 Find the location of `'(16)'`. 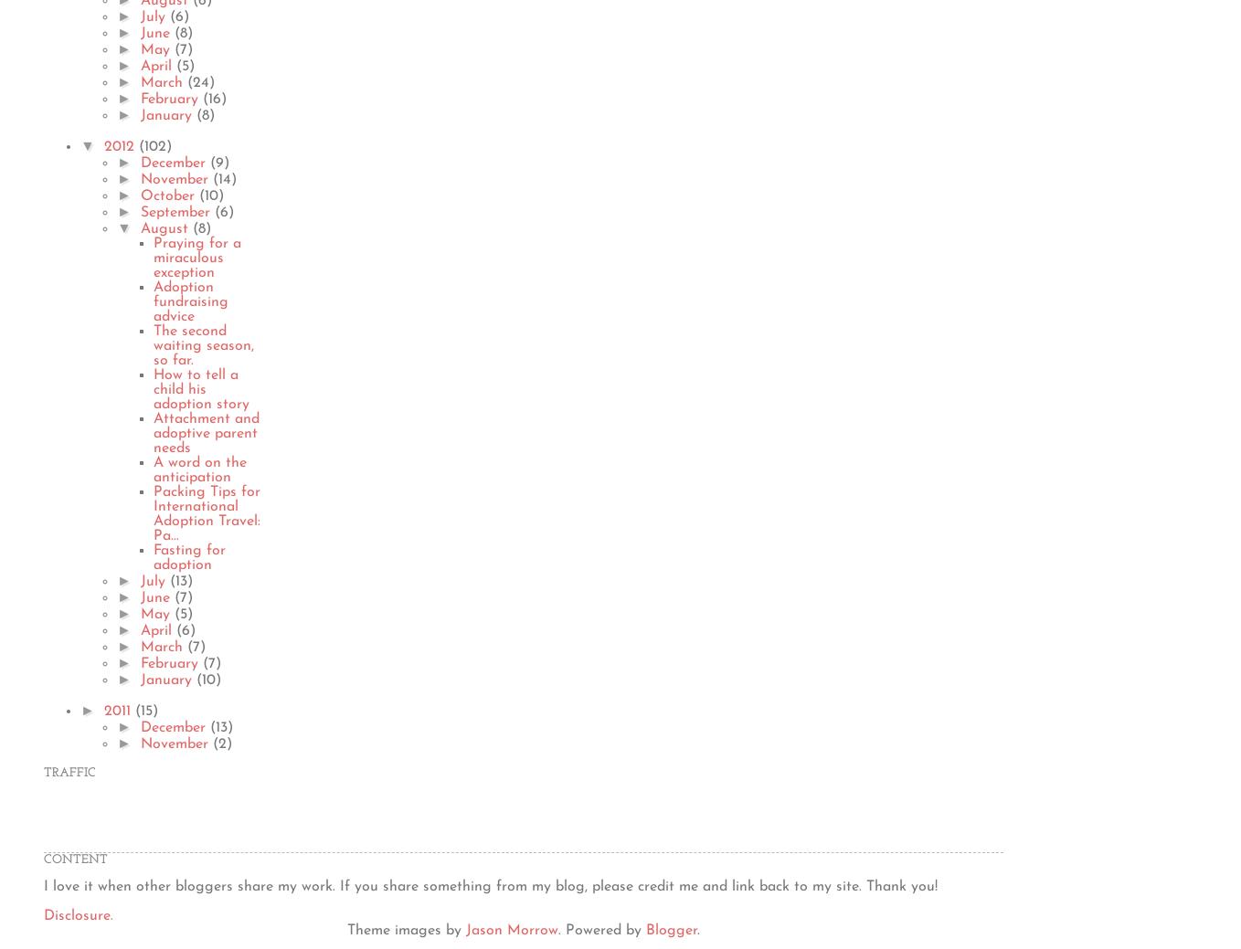

'(16)' is located at coordinates (212, 97).